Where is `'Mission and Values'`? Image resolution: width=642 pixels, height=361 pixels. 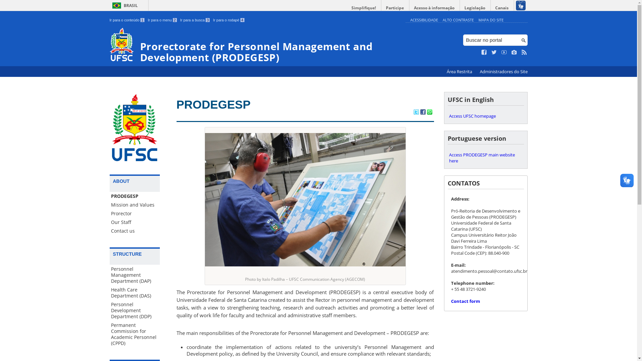
'Mission and Values' is located at coordinates (134, 205).